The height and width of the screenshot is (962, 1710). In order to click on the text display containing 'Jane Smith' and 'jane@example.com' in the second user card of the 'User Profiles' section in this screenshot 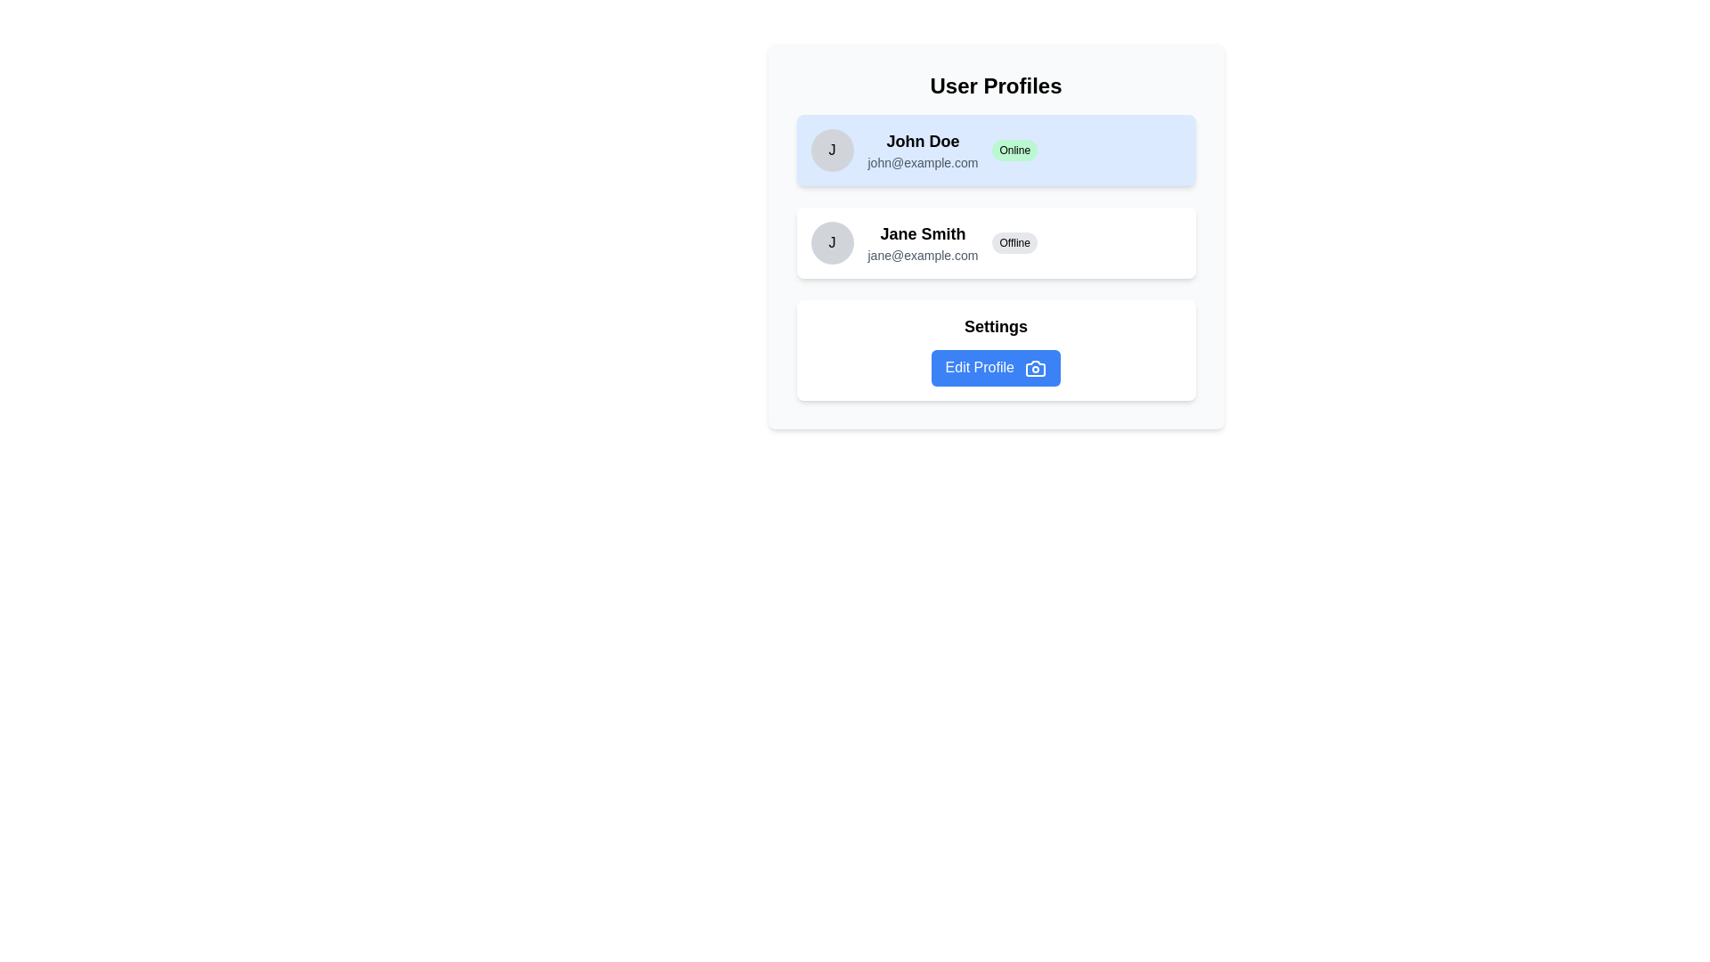, I will do `click(923, 243)`.